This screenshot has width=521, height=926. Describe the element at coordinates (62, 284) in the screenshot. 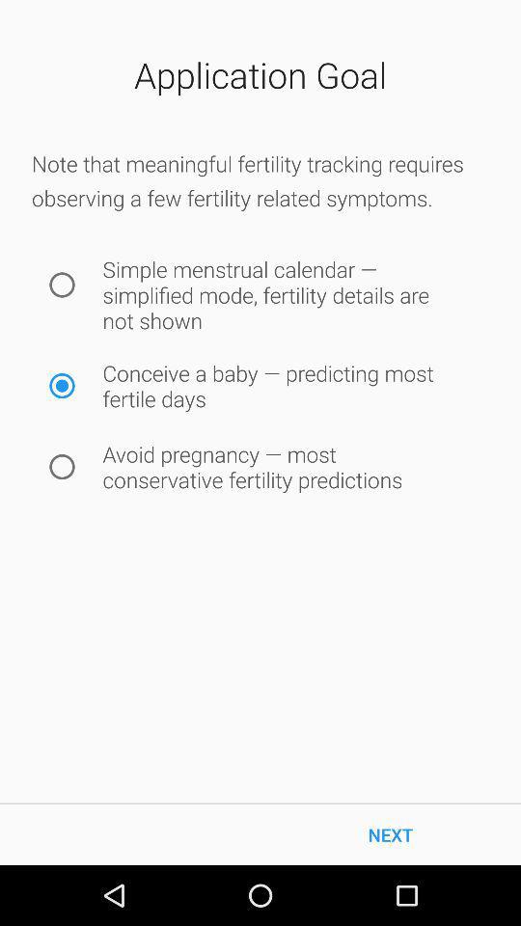

I see `response` at that location.